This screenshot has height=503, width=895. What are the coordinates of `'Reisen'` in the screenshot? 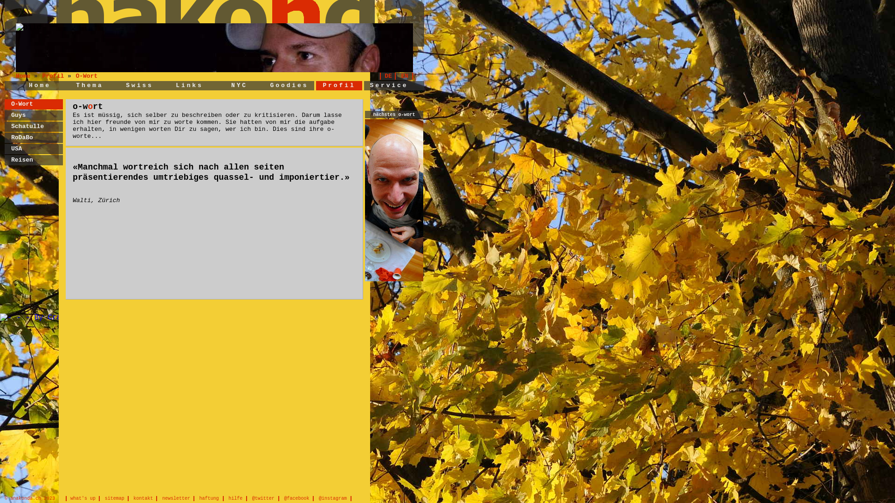 It's located at (22, 159).